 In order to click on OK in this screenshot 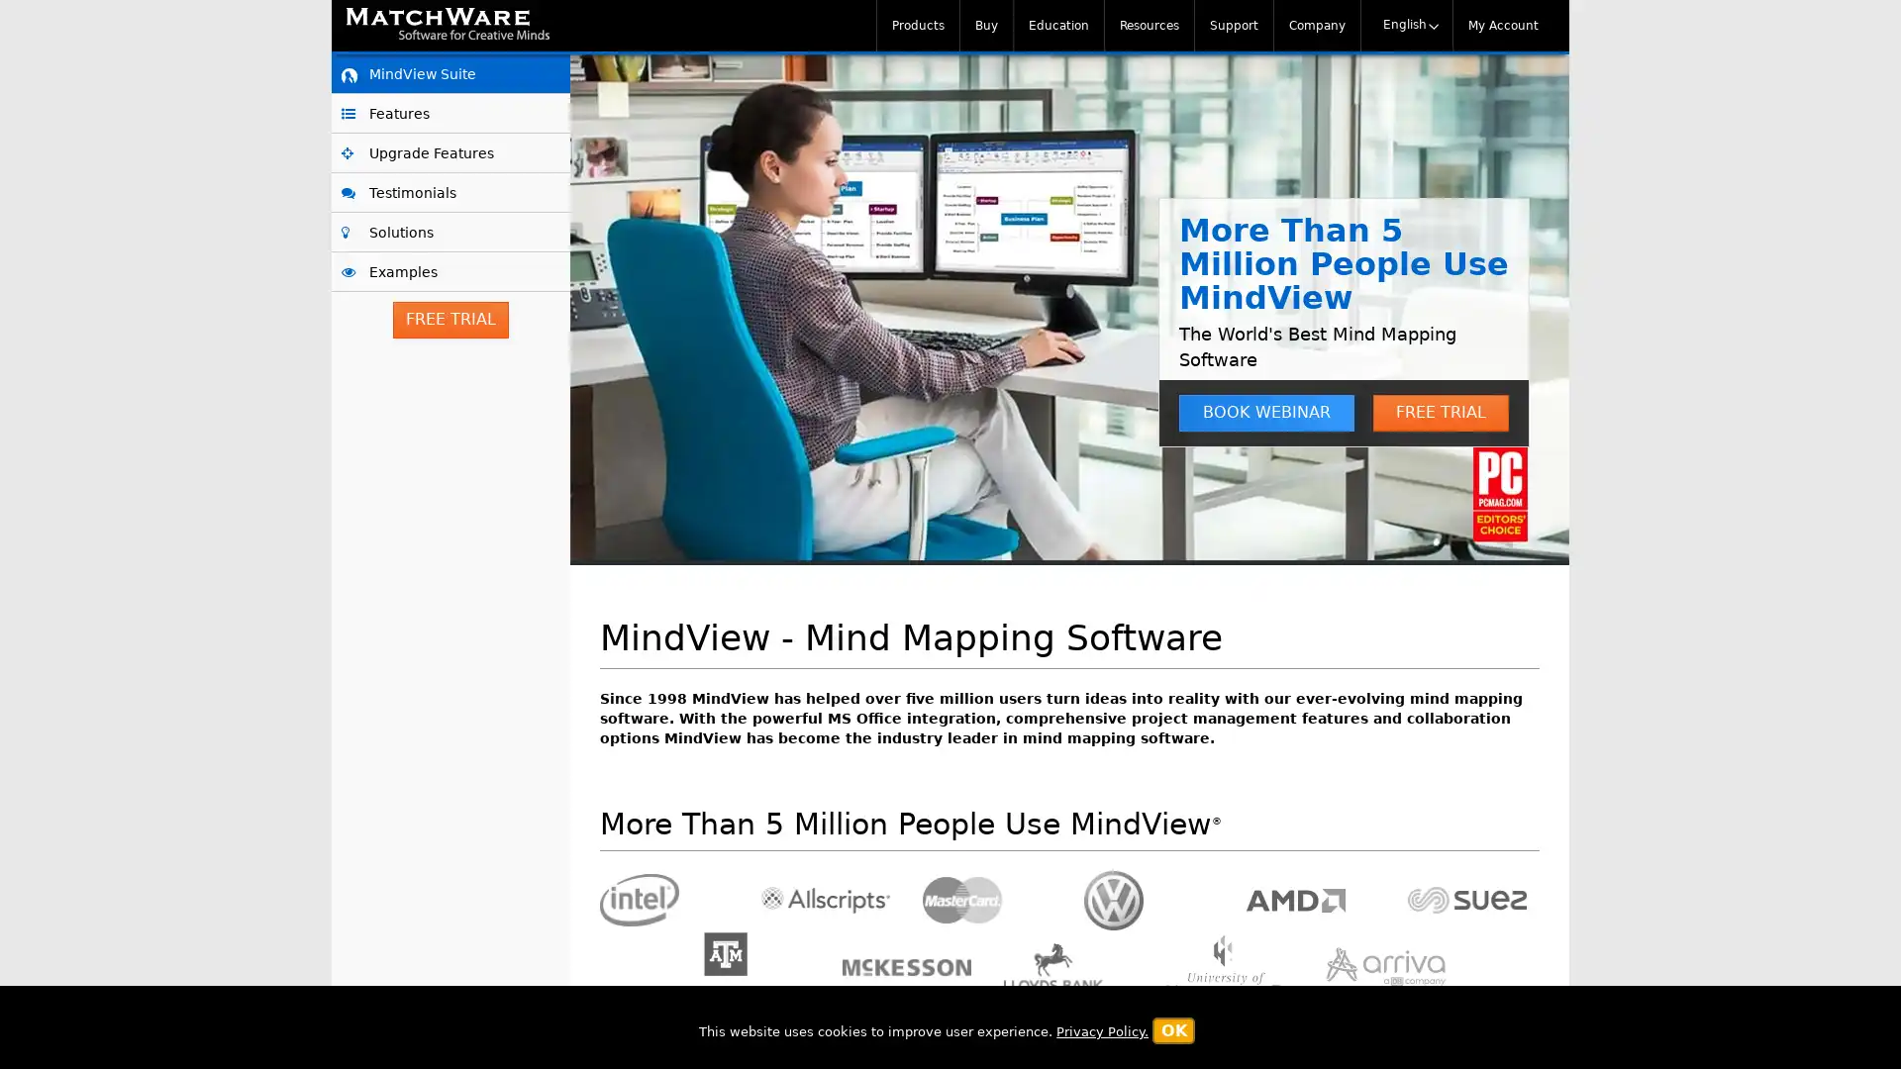, I will do `click(1173, 1029)`.